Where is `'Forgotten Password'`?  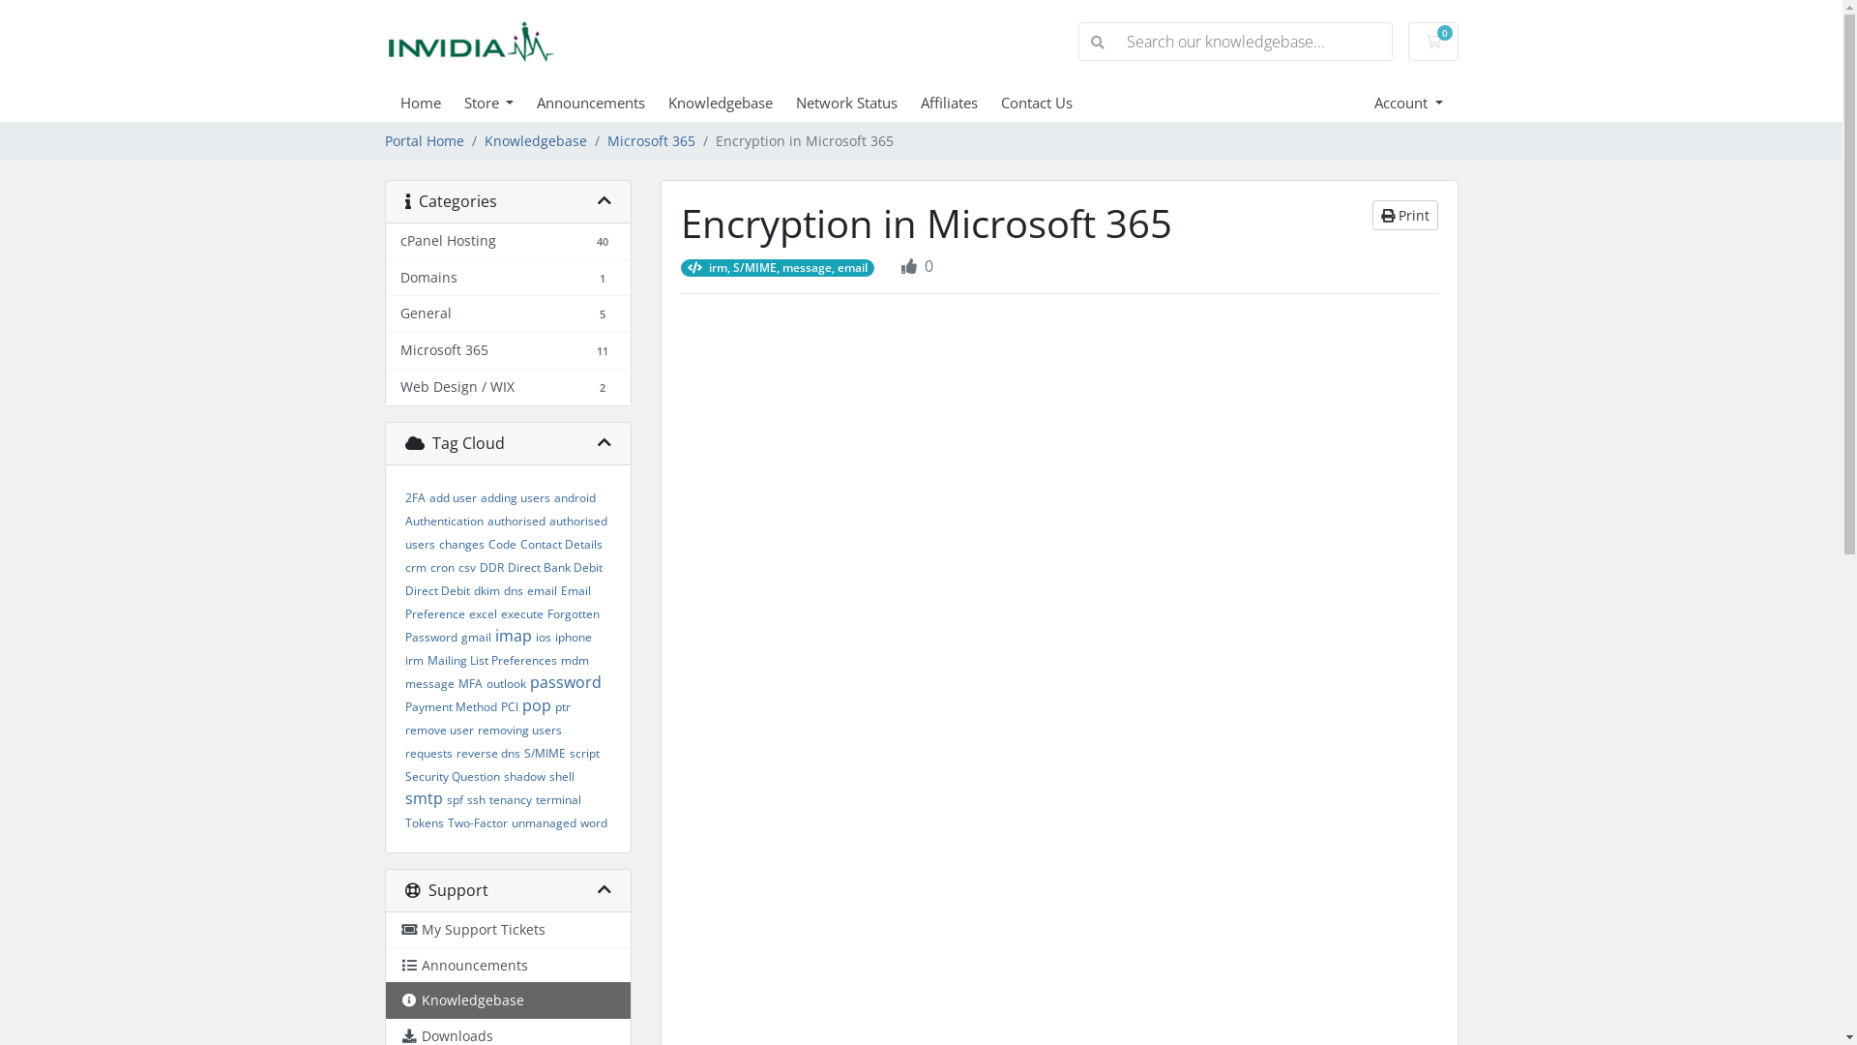 'Forgotten Password' is located at coordinates (402, 625).